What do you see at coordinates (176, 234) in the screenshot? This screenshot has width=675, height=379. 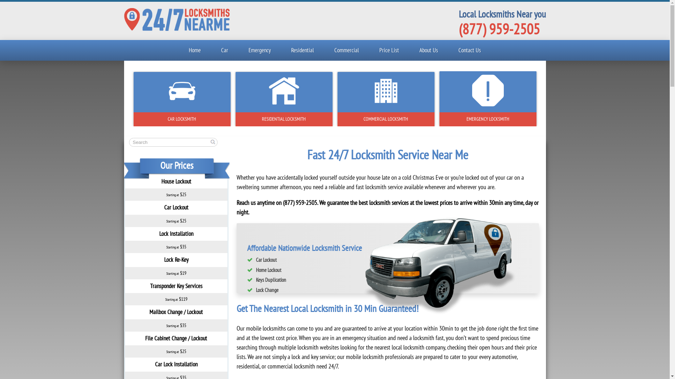 I see `'Lock Installation'` at bounding box center [176, 234].